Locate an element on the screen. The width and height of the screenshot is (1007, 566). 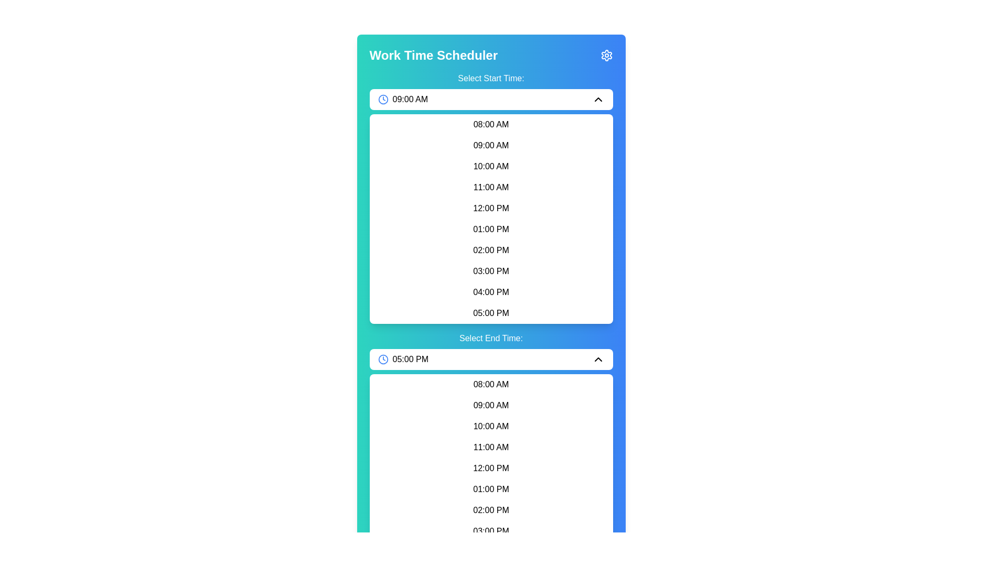
the chevron icon located at the far-right side of the '09:00 AM' text is located at coordinates (598, 99).